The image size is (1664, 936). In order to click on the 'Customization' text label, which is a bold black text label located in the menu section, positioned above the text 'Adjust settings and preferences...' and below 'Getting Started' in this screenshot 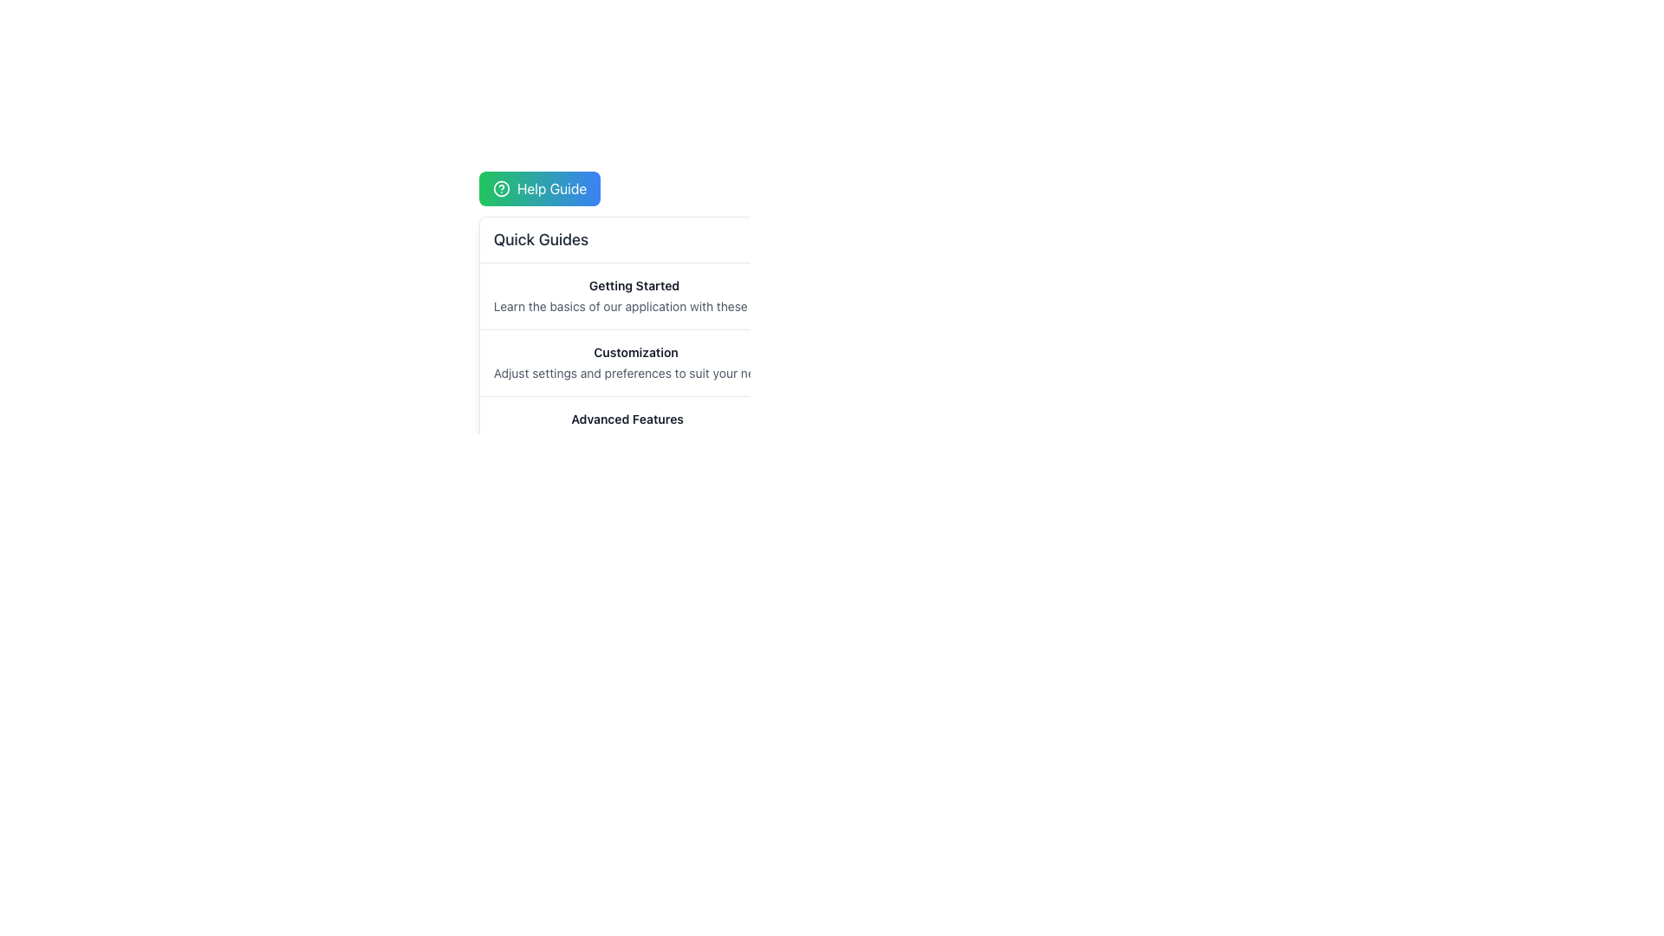, I will do `click(635, 352)`.